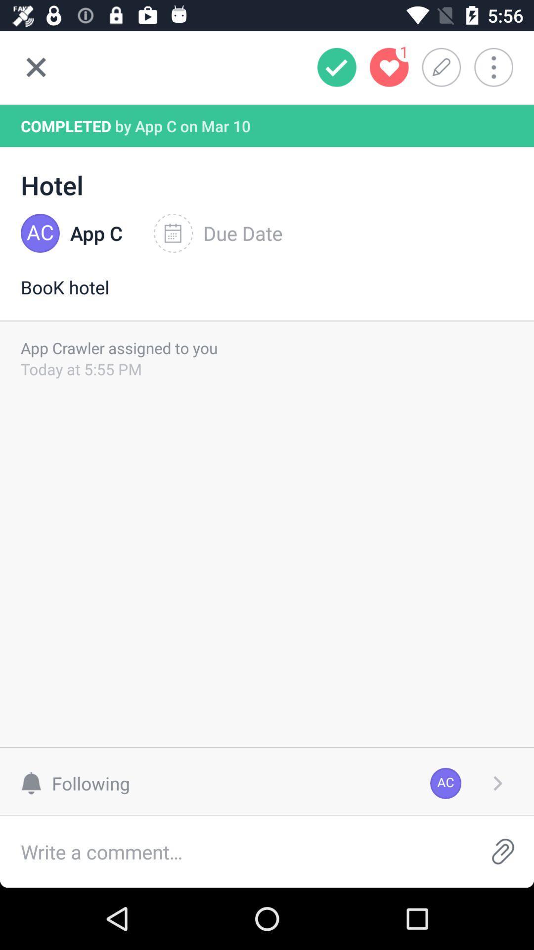 The image size is (534, 950). I want to click on the item next to the ac item, so click(80, 783).